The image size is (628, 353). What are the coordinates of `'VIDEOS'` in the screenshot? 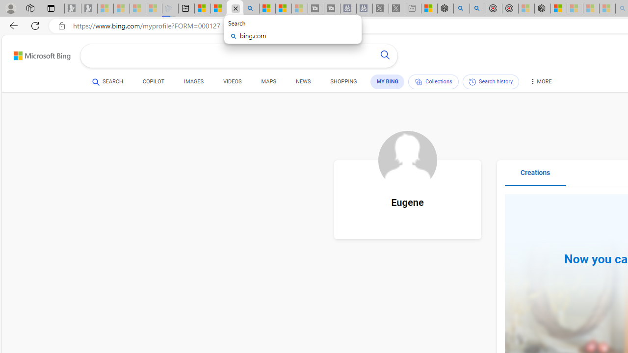 It's located at (232, 81).